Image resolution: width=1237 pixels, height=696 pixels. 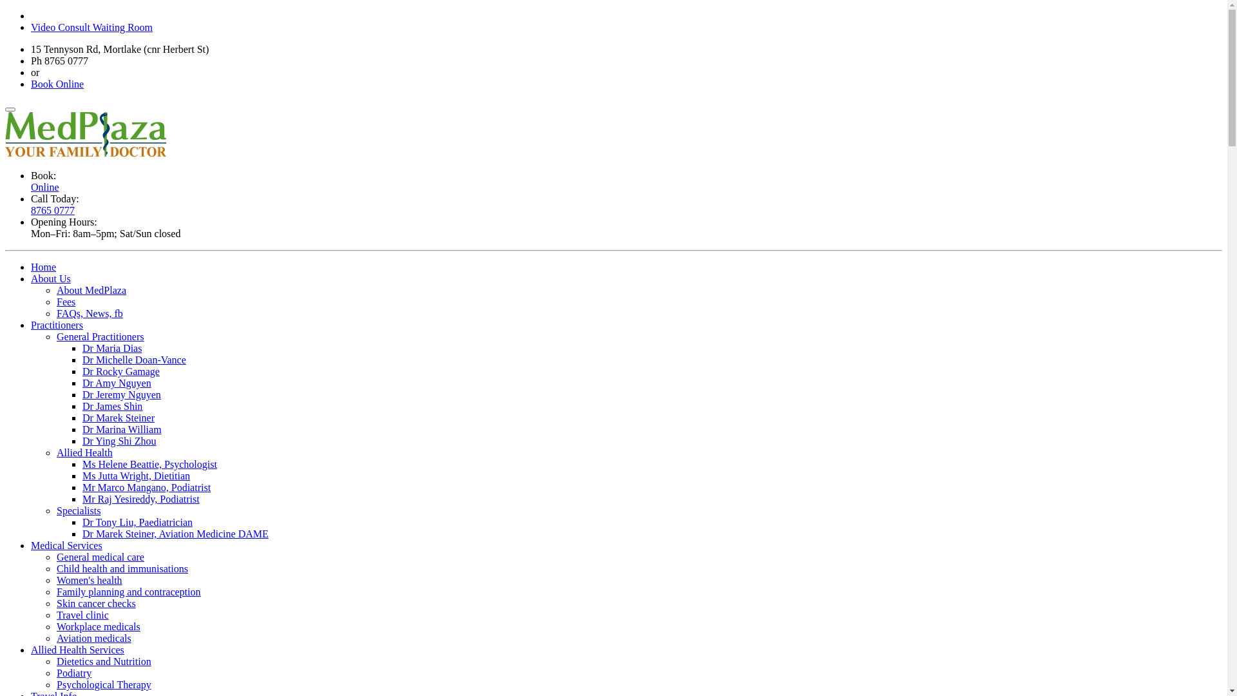 What do you see at coordinates (137, 522) in the screenshot?
I see `'Dr Tony Liu, Paediatrician'` at bounding box center [137, 522].